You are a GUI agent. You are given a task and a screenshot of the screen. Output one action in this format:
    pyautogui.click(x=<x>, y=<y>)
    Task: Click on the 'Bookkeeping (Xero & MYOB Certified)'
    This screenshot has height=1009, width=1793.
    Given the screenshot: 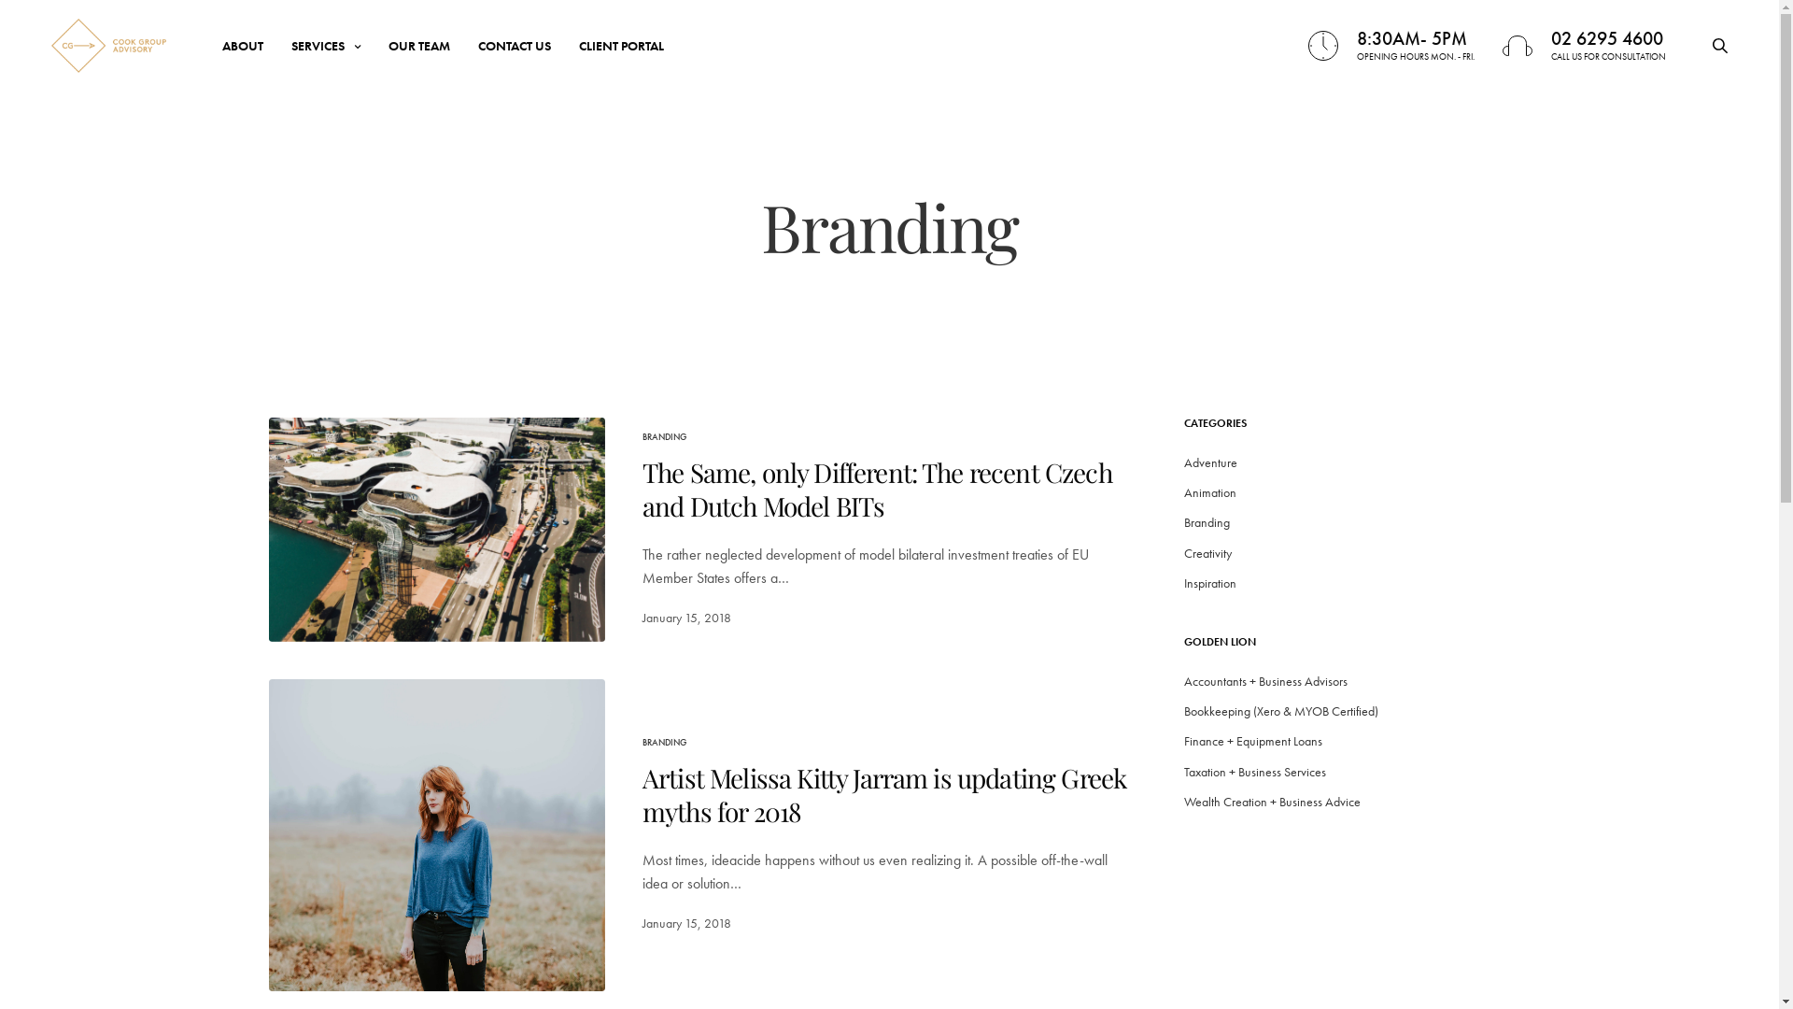 What is the action you would take?
    pyautogui.click(x=1280, y=710)
    